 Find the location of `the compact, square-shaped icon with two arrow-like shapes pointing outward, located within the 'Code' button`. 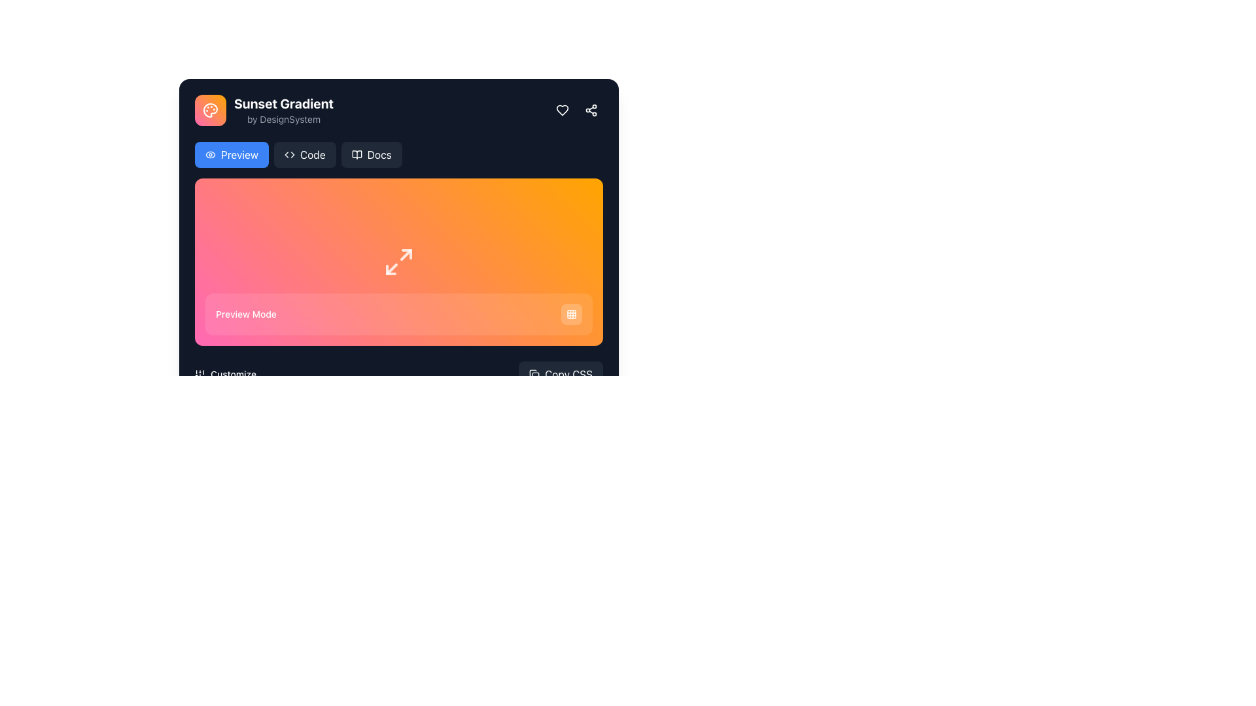

the compact, square-shaped icon with two arrow-like shapes pointing outward, located within the 'Code' button is located at coordinates (288, 154).